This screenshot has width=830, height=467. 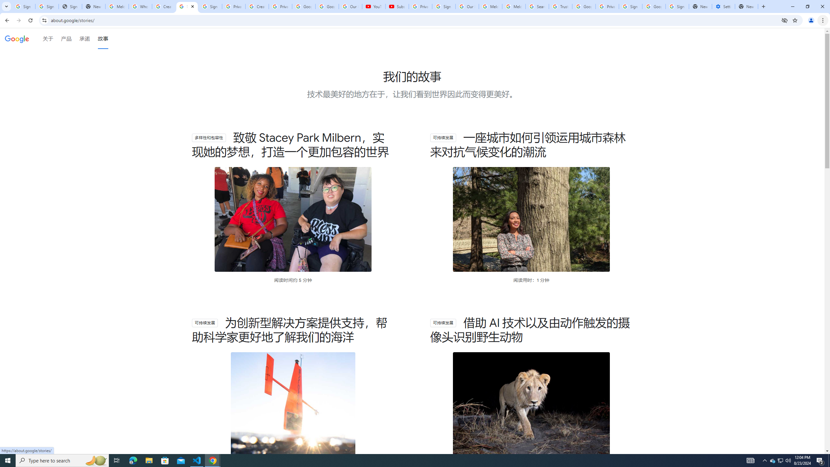 I want to click on 'Sign in - Google Accounts', so click(x=630, y=6).